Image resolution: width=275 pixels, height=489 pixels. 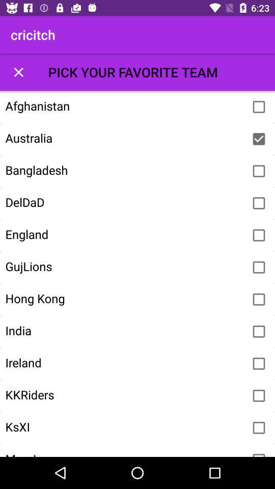 I want to click on kkriders, so click(x=259, y=395).